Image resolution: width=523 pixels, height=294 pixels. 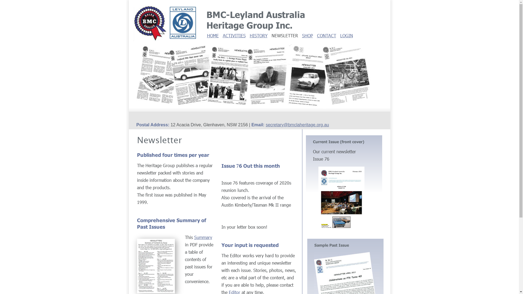 I want to click on 'HOME', so click(x=212, y=35).